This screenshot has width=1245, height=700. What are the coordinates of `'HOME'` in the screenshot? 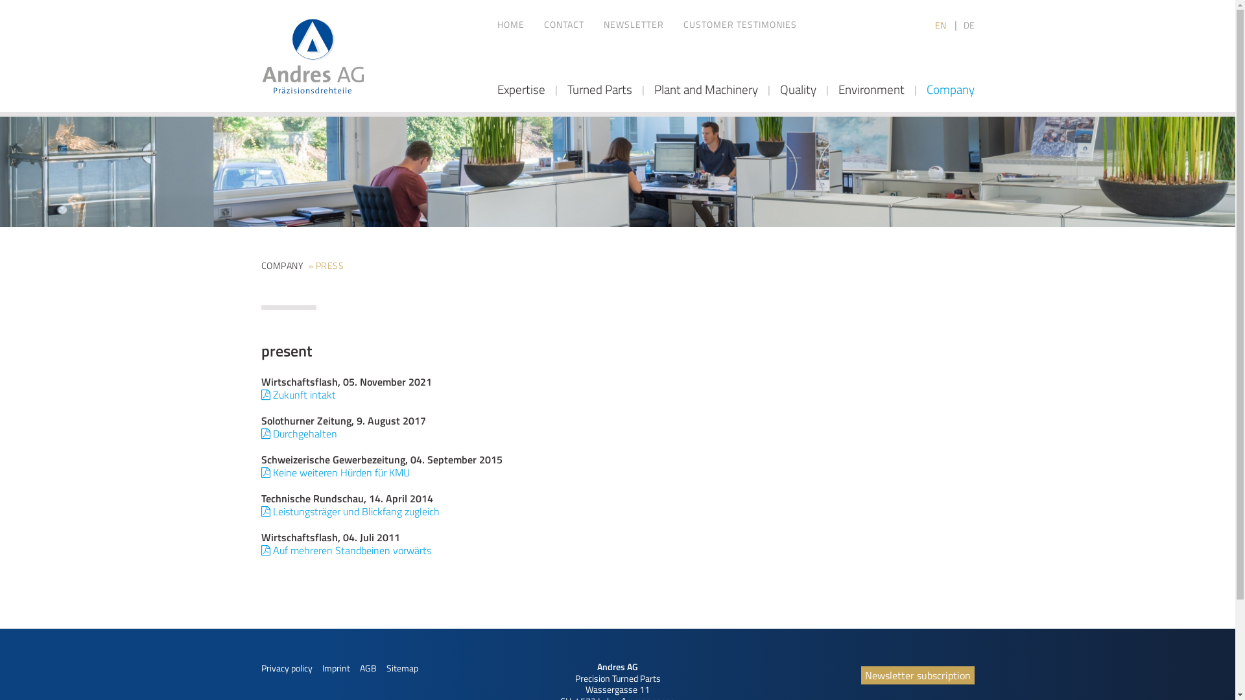 It's located at (510, 25).